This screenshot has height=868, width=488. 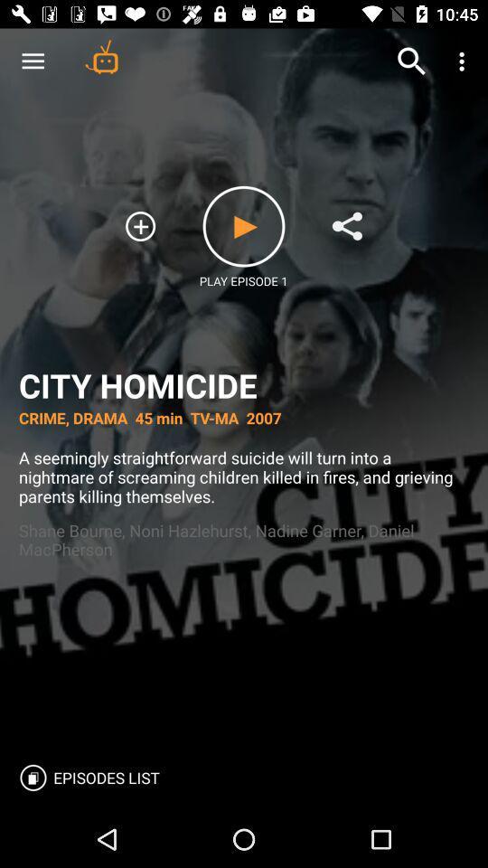 I want to click on video, so click(x=244, y=225).